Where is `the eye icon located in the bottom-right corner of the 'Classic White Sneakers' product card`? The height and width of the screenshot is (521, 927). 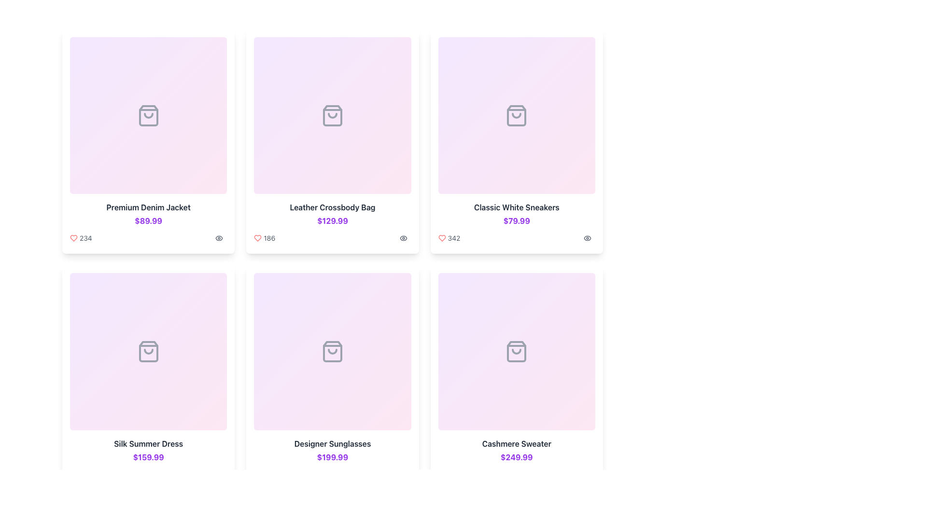
the eye icon located in the bottom-right corner of the 'Classic White Sneakers' product card is located at coordinates (587, 238).